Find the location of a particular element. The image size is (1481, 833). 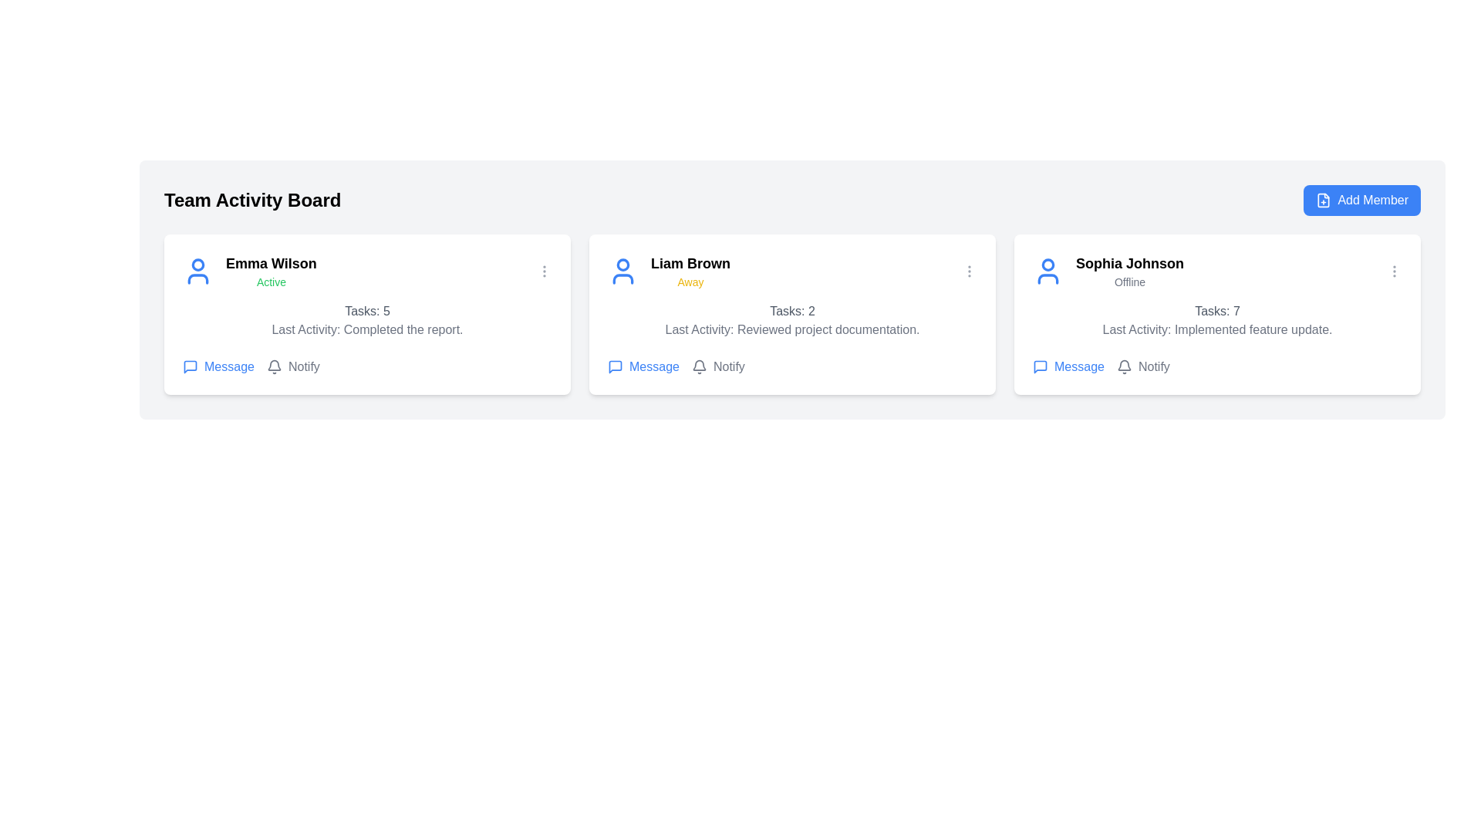

text displayed in the Text Display element that shows the user's last activity, which is 'Implemented feature update.' is located at coordinates (1216, 329).